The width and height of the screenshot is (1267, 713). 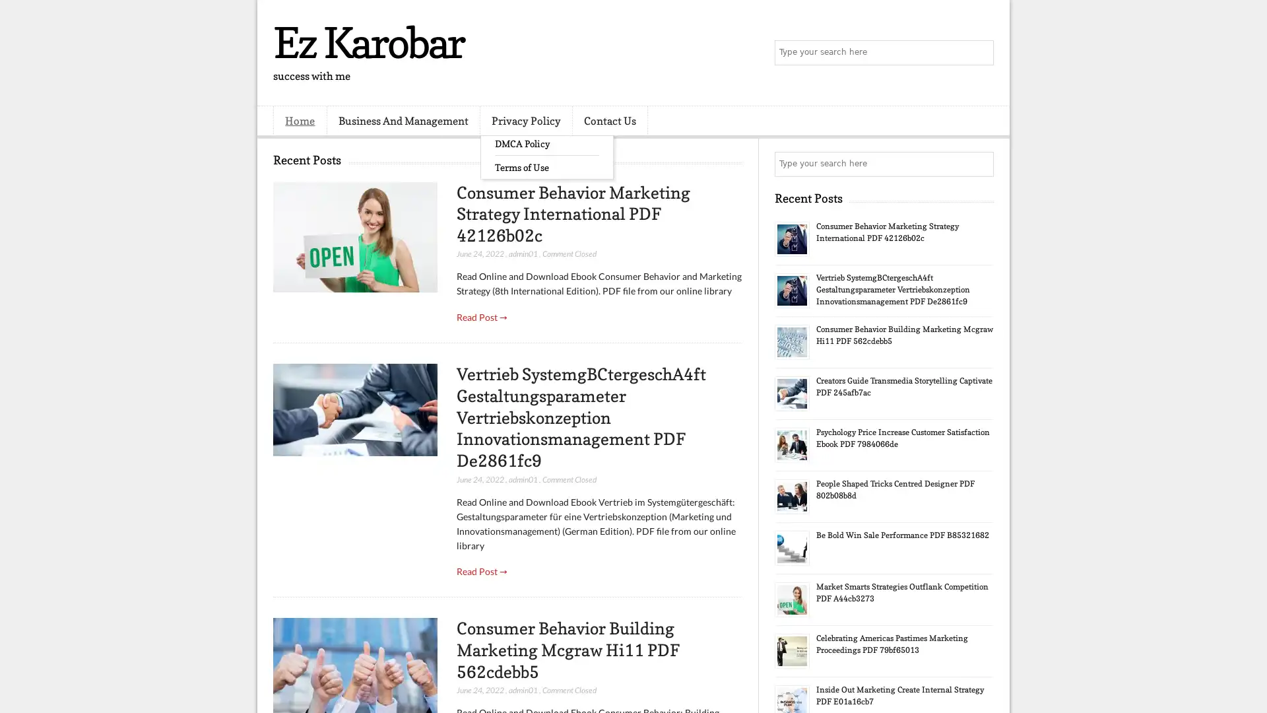 I want to click on Search, so click(x=980, y=53).